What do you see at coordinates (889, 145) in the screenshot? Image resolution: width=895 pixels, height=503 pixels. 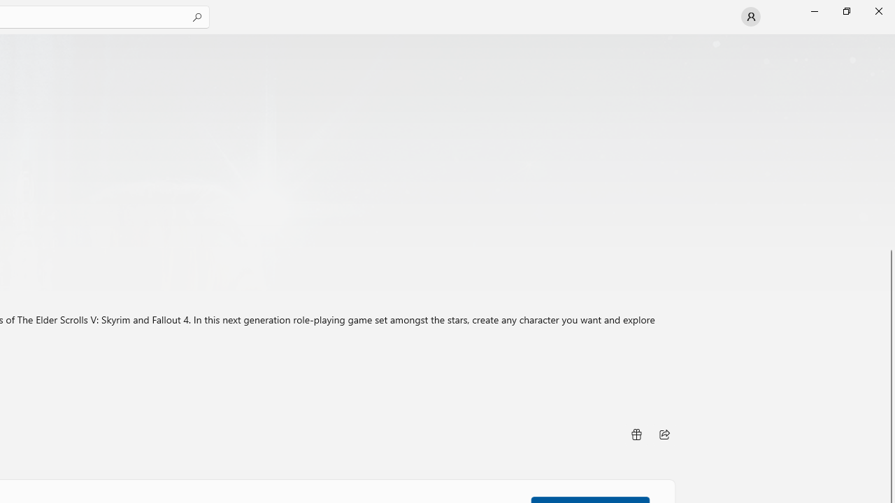 I see `'Vertical Large Decrease'` at bounding box center [889, 145].